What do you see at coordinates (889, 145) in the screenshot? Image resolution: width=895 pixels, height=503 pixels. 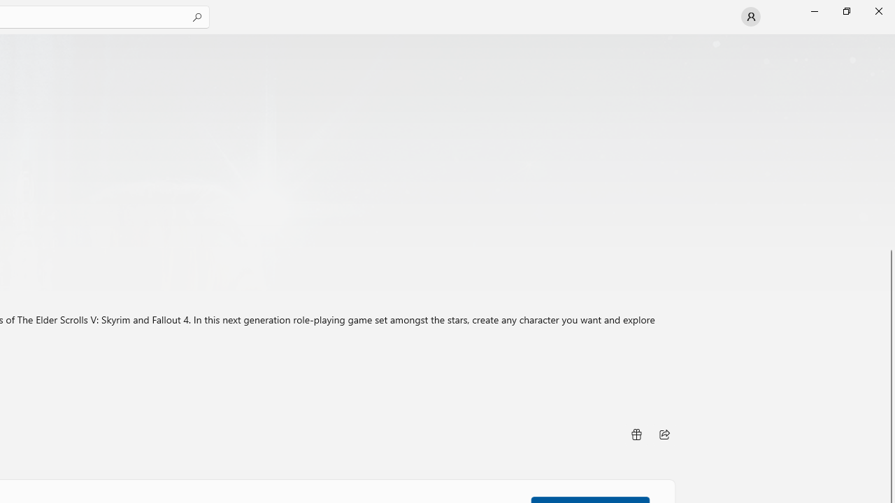 I see `'Vertical Large Decrease'` at bounding box center [889, 145].